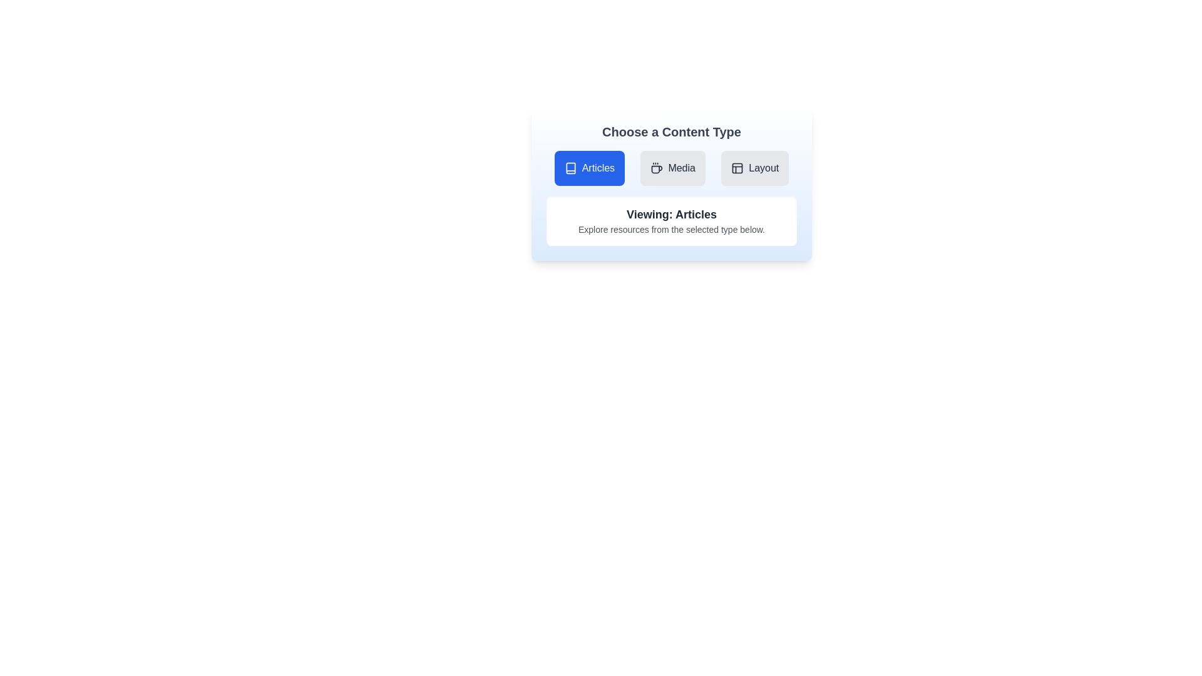 This screenshot has height=676, width=1202. What do you see at coordinates (570, 168) in the screenshot?
I see `the small book icon within the blue rounded rectangle labeled 'Articles', located in the top-left corner of the 'Articles' button in the 'Choose a Content Type' section` at bounding box center [570, 168].